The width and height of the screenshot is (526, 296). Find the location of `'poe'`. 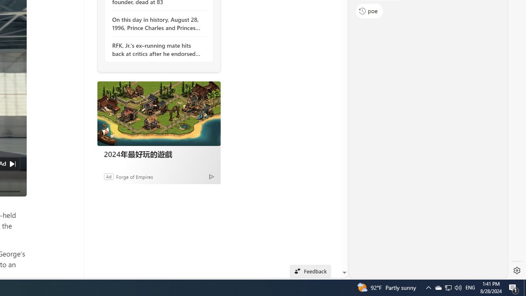

'poe' is located at coordinates (369, 11).